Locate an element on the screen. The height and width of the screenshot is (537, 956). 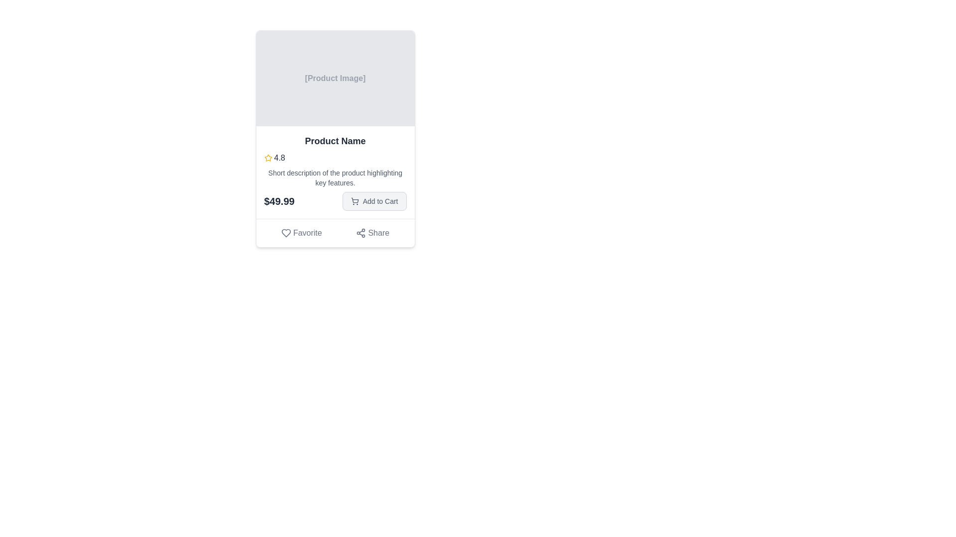
the 'Favorite' button located at the bottom of the product card to mark the product as a favorite is located at coordinates (301, 233).